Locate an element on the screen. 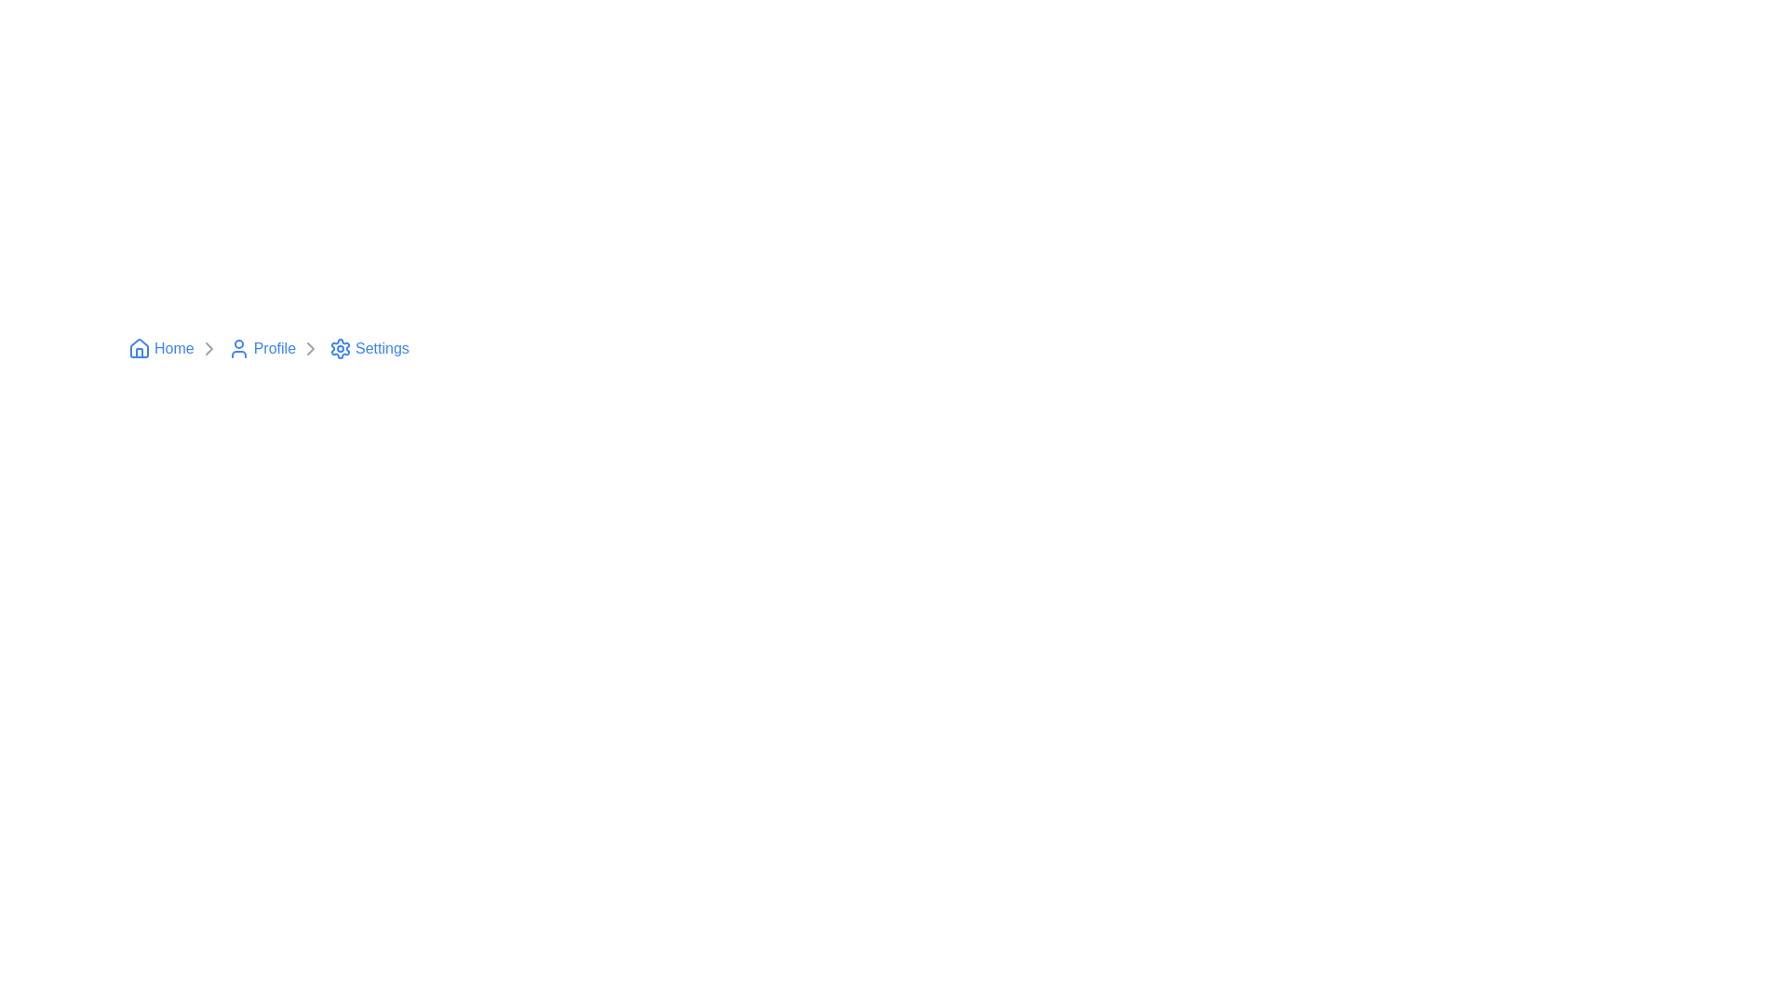 This screenshot has width=1787, height=1005. the right-facing chevron arrow icon in the breadcrumb navigation bar, which is styled in light gray and located between the 'Home' text link and the next breadcrumb item is located at coordinates (208, 348).